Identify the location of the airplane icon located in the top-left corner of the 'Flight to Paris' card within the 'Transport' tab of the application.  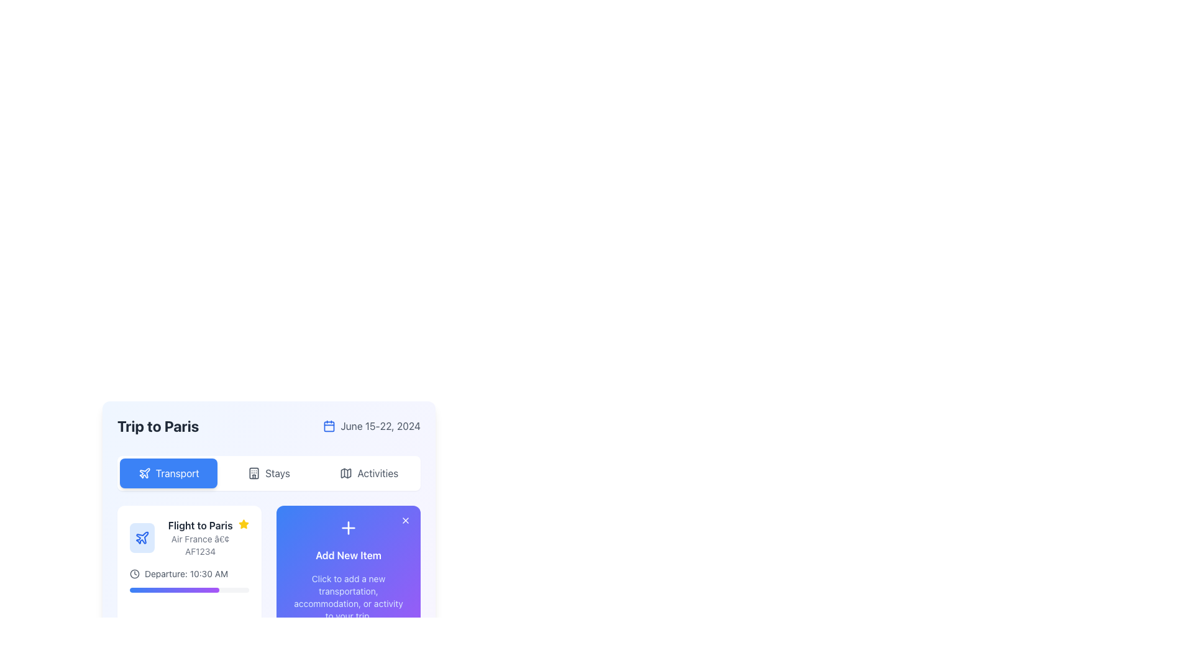
(142, 537).